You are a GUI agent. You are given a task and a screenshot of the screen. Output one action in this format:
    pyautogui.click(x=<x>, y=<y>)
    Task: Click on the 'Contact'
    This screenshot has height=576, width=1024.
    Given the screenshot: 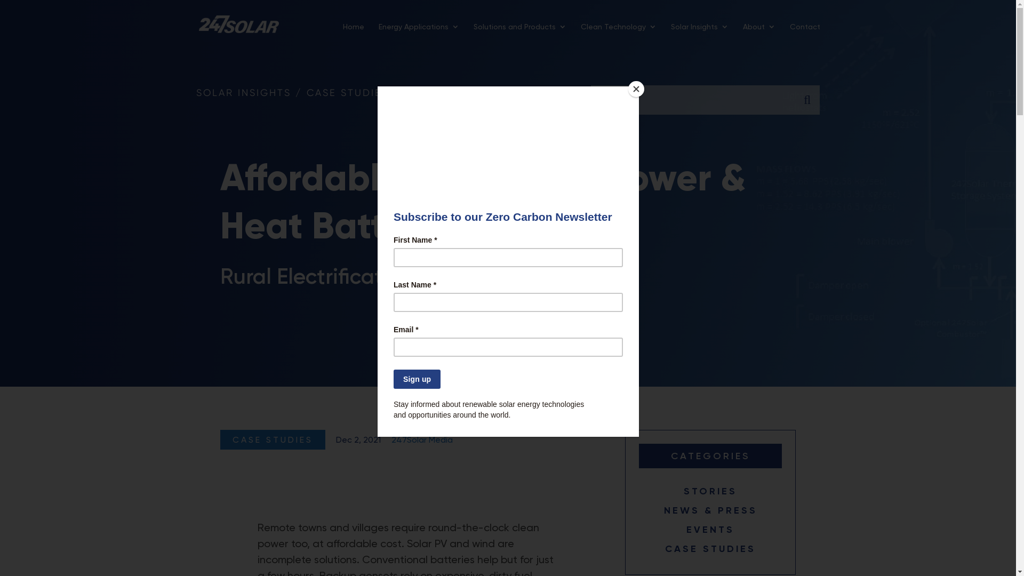 What is the action you would take?
    pyautogui.click(x=804, y=35)
    